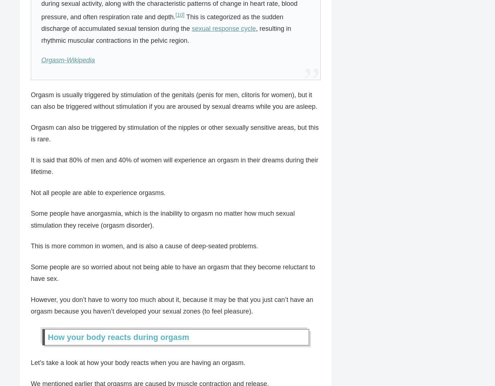 Image resolution: width=495 pixels, height=386 pixels. Describe the element at coordinates (174, 165) in the screenshot. I see `'It is said that 80% of men and 40% of women will experience an orgasm in their dreams during their lifetime.'` at that location.